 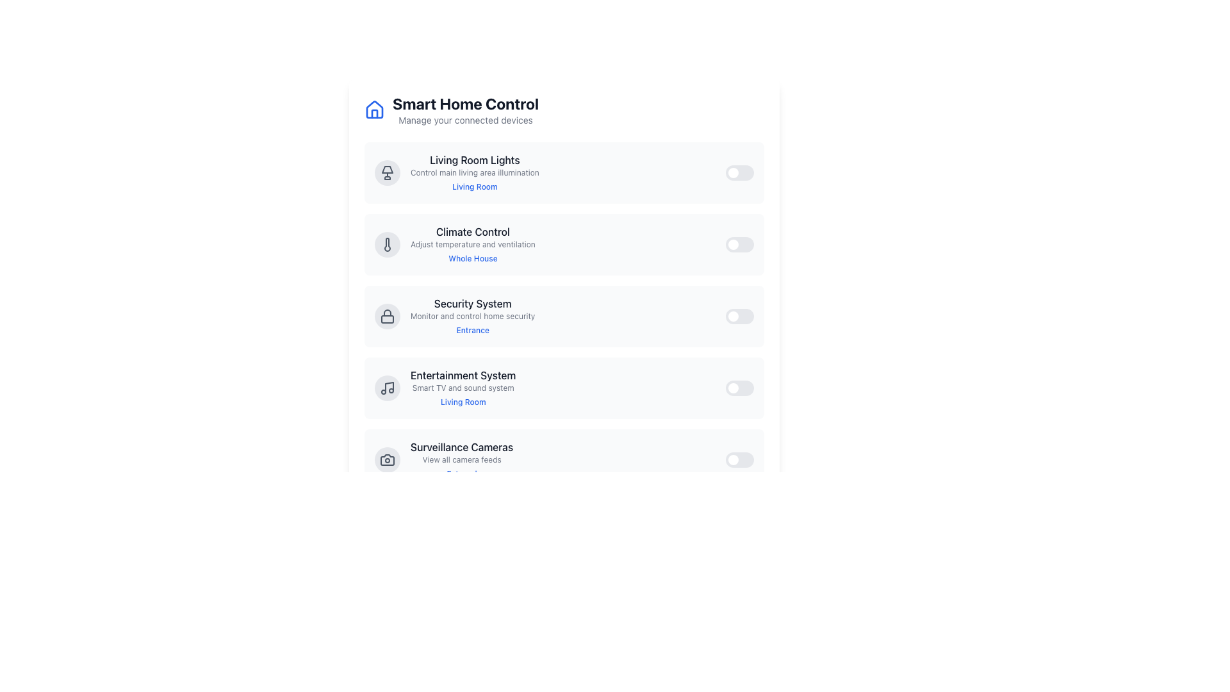 I want to click on the security icon that visually represents locking functionality, located to the left of the 'Monitor and control home security' text under 'Security System', so click(x=386, y=316).